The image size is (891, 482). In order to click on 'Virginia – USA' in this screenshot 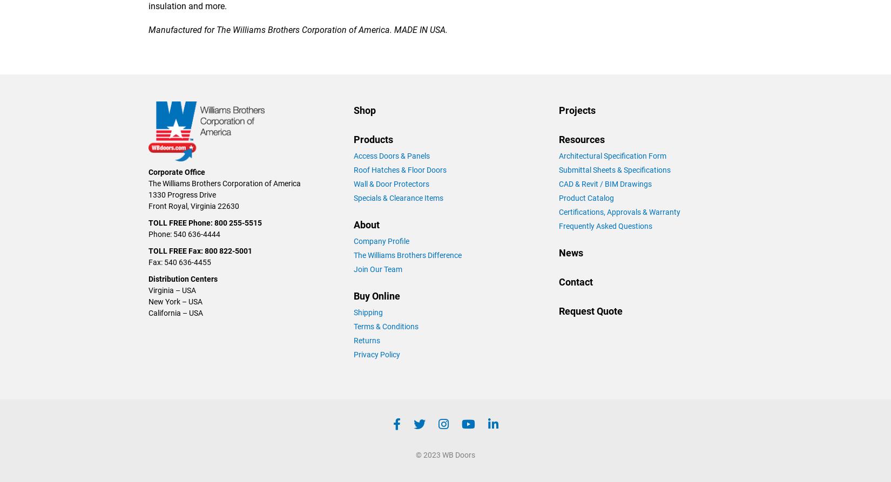, I will do `click(172, 289)`.